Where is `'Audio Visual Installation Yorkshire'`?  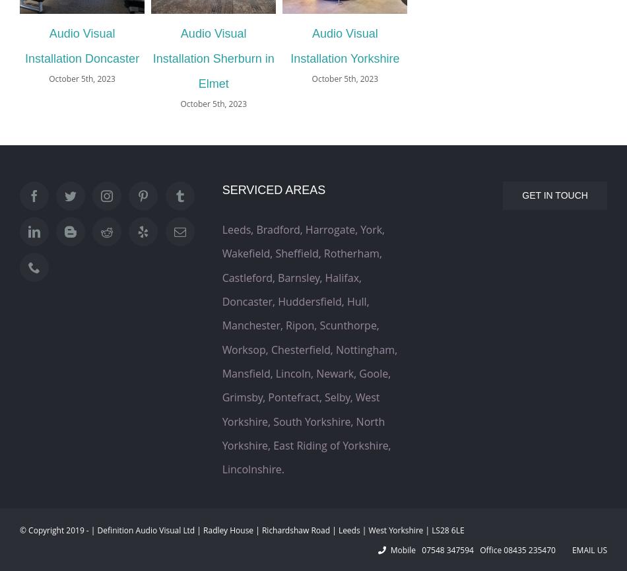
'Audio Visual Installation Yorkshire' is located at coordinates (290, 46).